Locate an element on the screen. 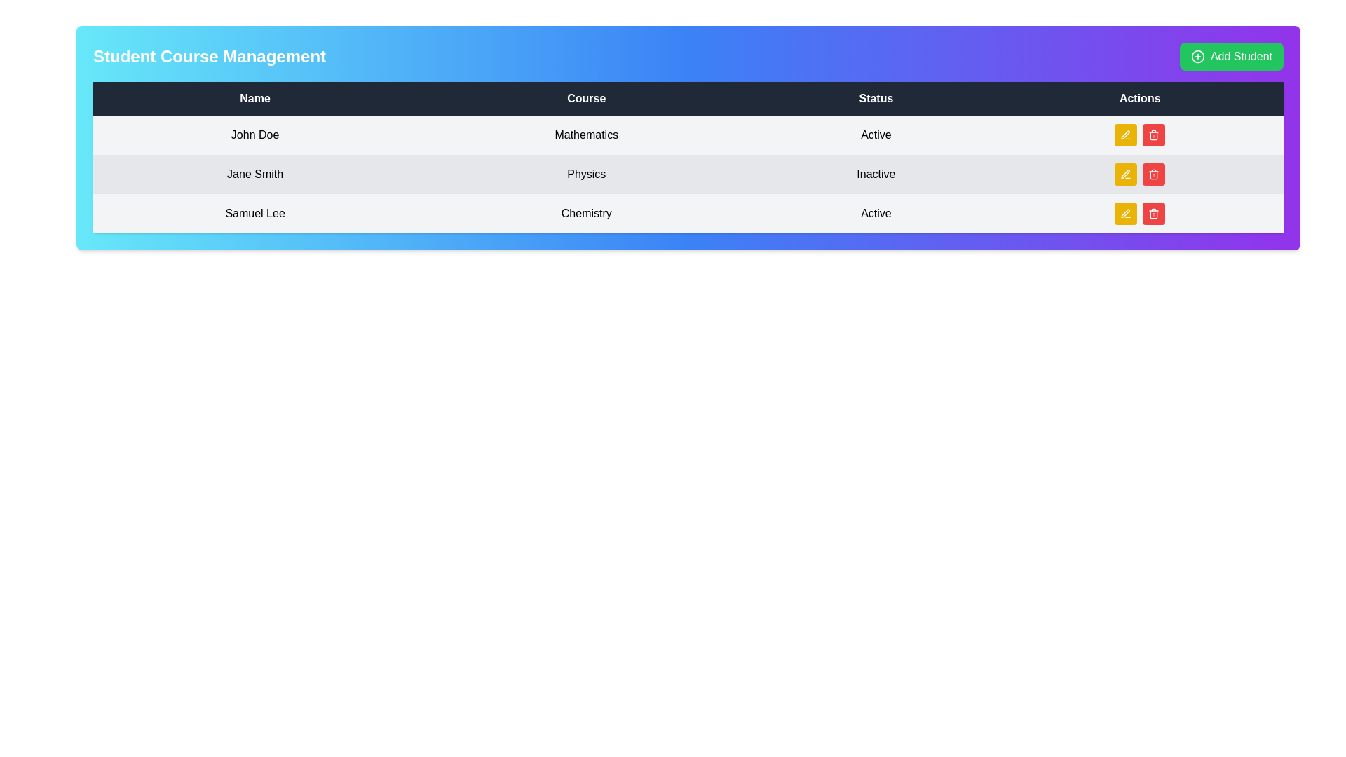  the 'Add Student' button with a green background and white text to trigger hover effects is located at coordinates (1230, 56).